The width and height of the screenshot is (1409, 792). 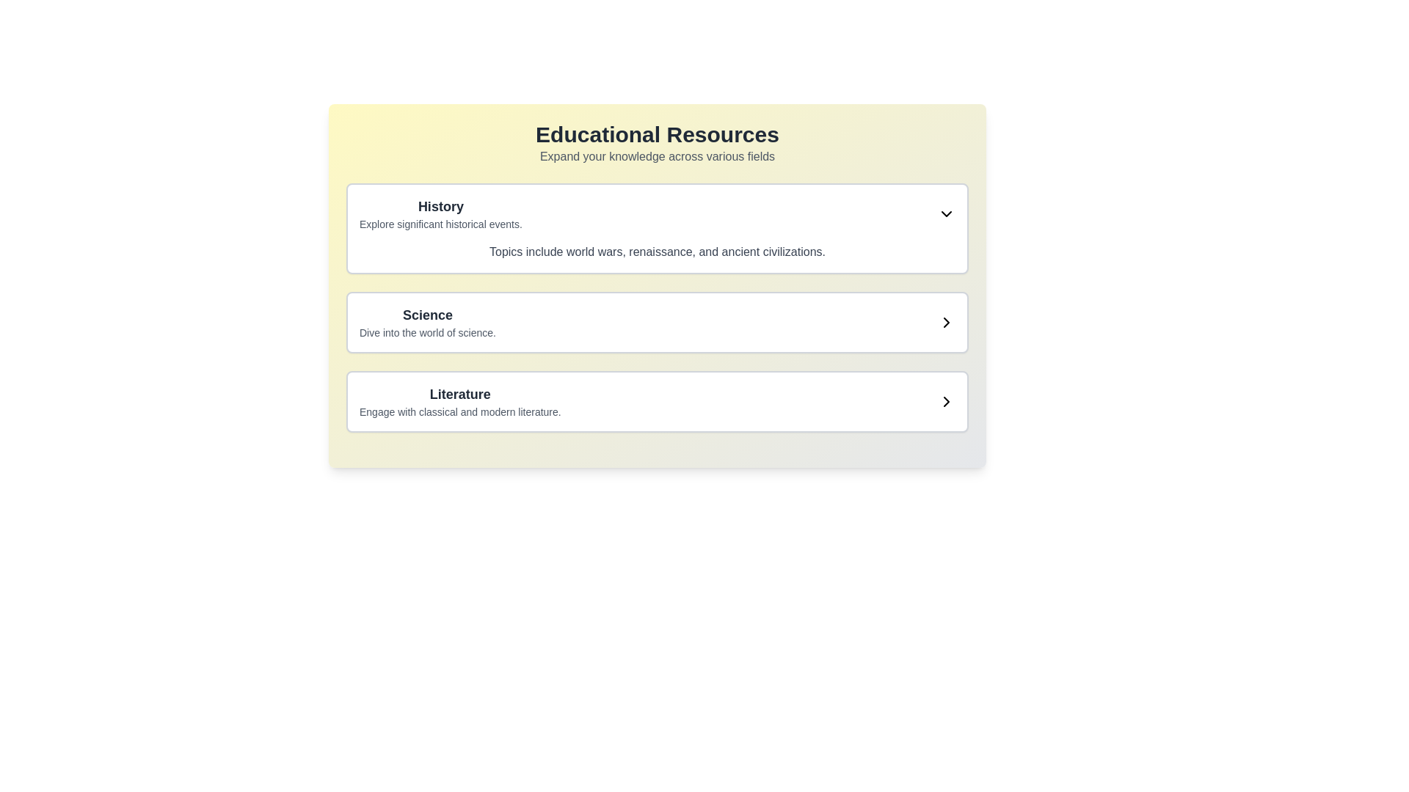 What do you see at coordinates (440, 206) in the screenshot?
I see `the bold, large-sized text label reading 'History' located at the top of the first category box in the main content area, which is centered above the descriptive text 'Explore significant historical events.'` at bounding box center [440, 206].